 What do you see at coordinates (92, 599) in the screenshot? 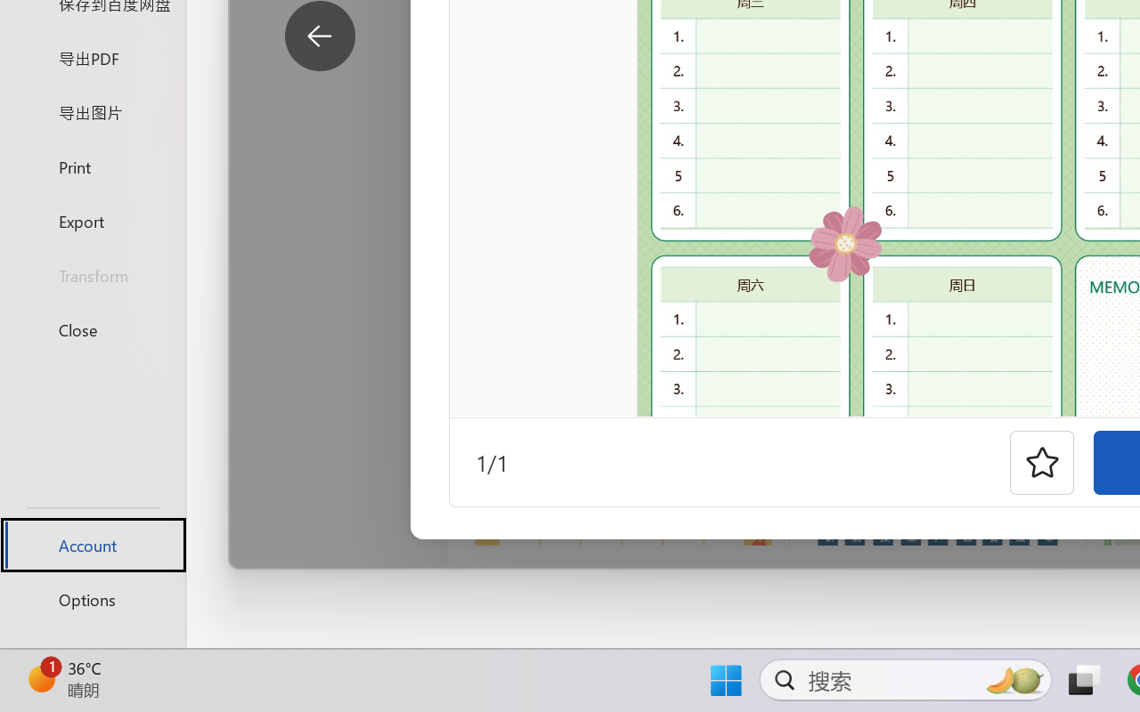
I see `'Options'` at bounding box center [92, 599].